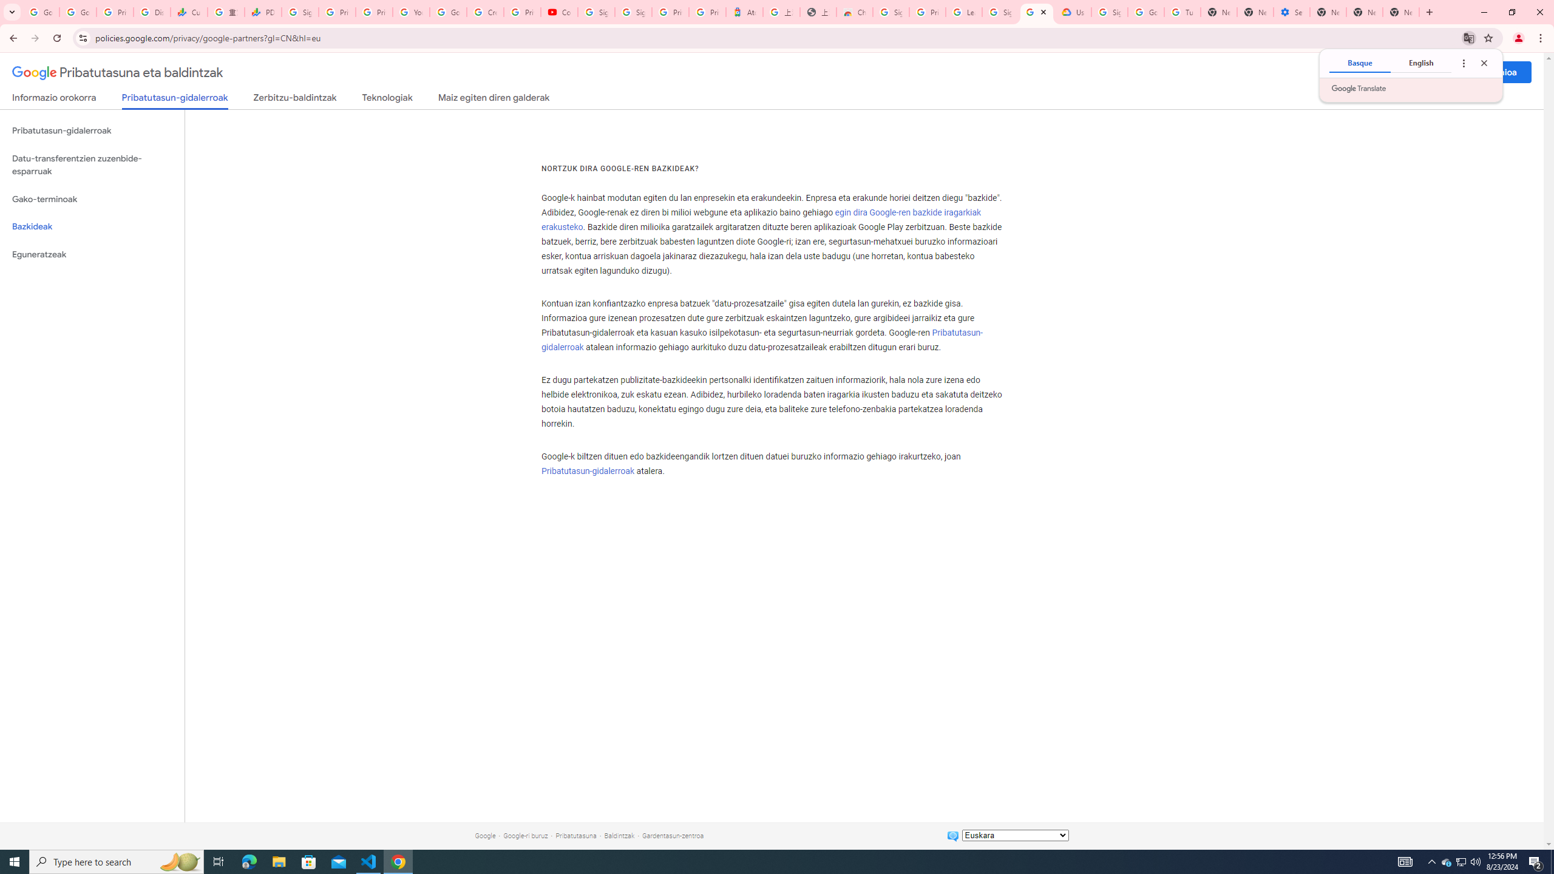  Describe the element at coordinates (92, 199) in the screenshot. I see `'Gako-terminoak'` at that location.